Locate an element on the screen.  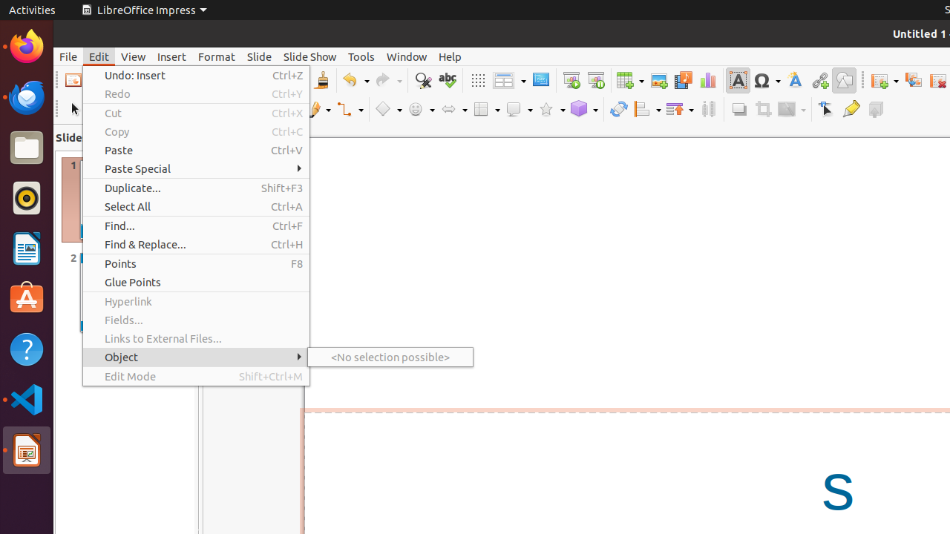
'Hyperlink' is located at coordinates (195, 300).